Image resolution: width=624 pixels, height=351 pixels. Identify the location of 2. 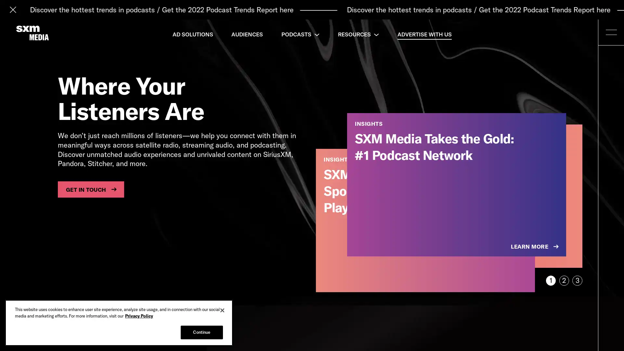
(564, 280).